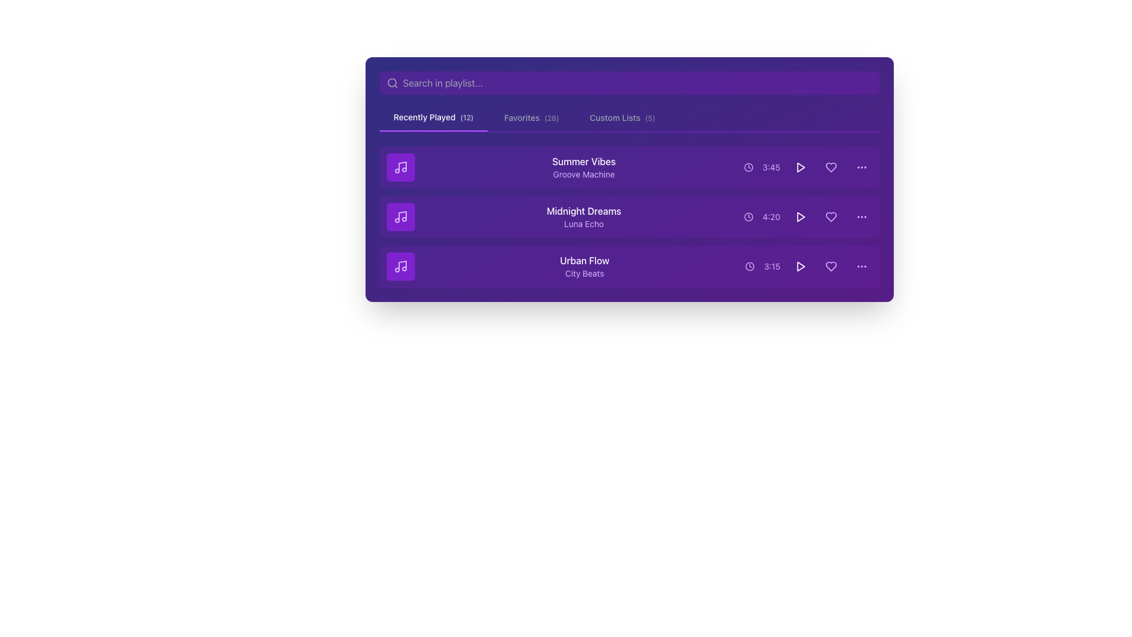  Describe the element at coordinates (584, 168) in the screenshot. I see `the text label that displays the title and subtitle information of a media item, which is located in the first row of a list-like structure, horizontally centered with an icon to its left` at that location.